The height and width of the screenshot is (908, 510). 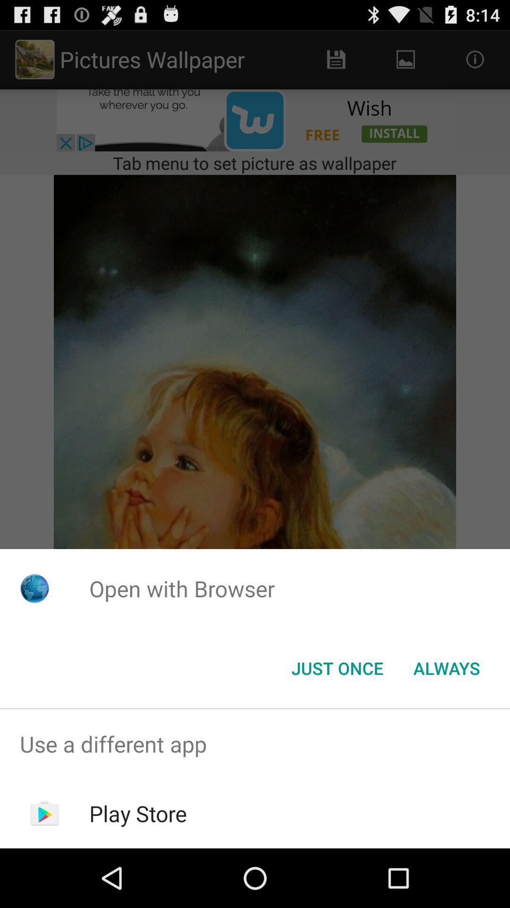 I want to click on button to the right of the just once button, so click(x=446, y=667).